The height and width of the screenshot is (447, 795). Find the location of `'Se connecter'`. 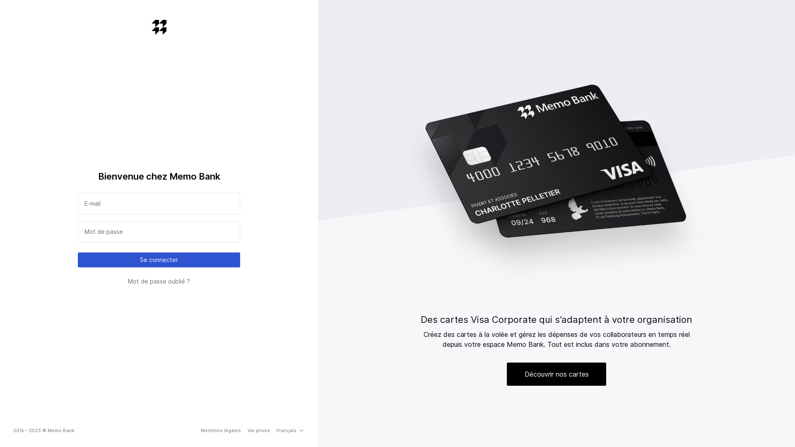

'Se connecter' is located at coordinates (159, 260).